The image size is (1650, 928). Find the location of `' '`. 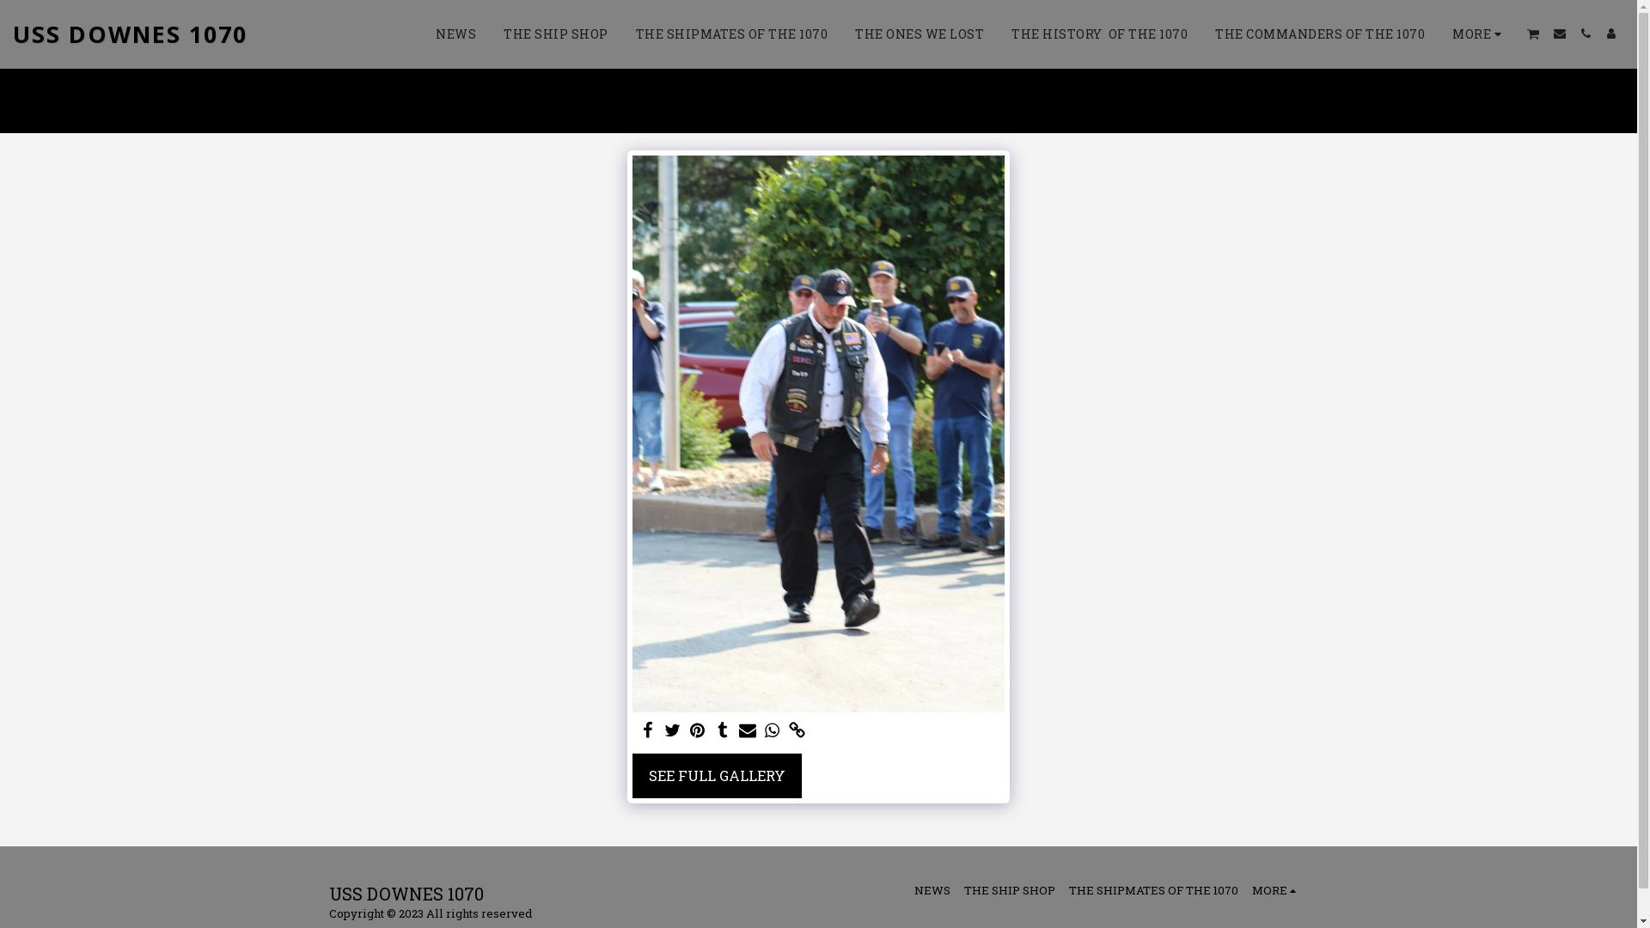

' ' is located at coordinates (722, 731).